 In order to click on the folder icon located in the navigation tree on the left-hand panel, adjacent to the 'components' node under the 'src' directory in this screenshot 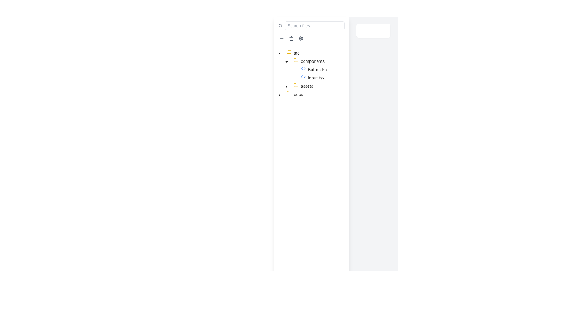, I will do `click(296, 60)`.